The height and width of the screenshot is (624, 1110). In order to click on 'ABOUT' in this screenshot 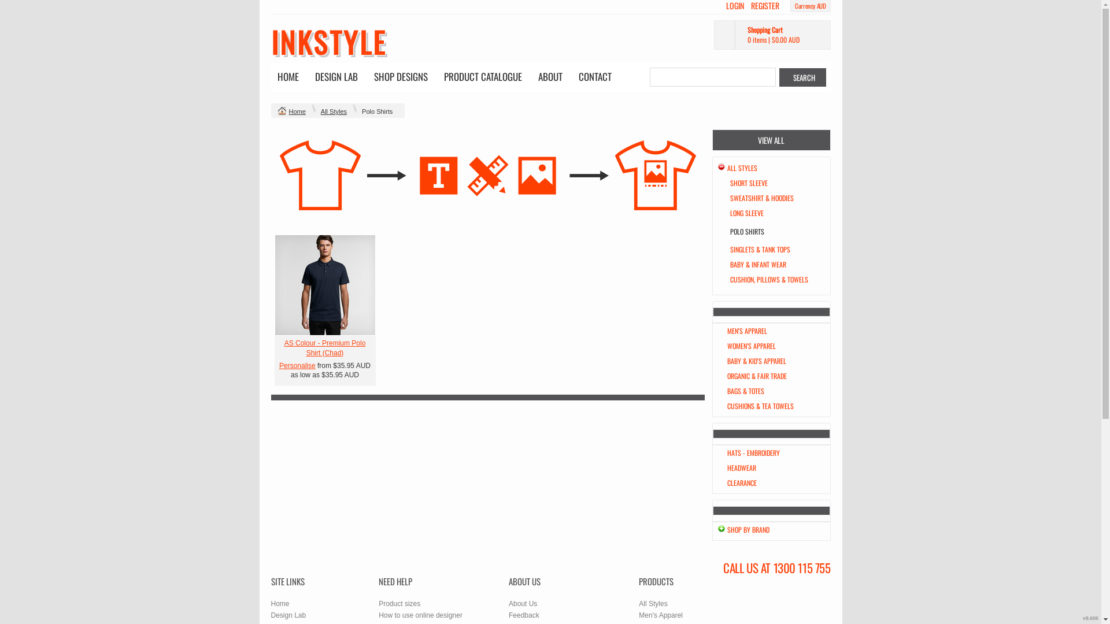, I will do `click(532, 77)`.